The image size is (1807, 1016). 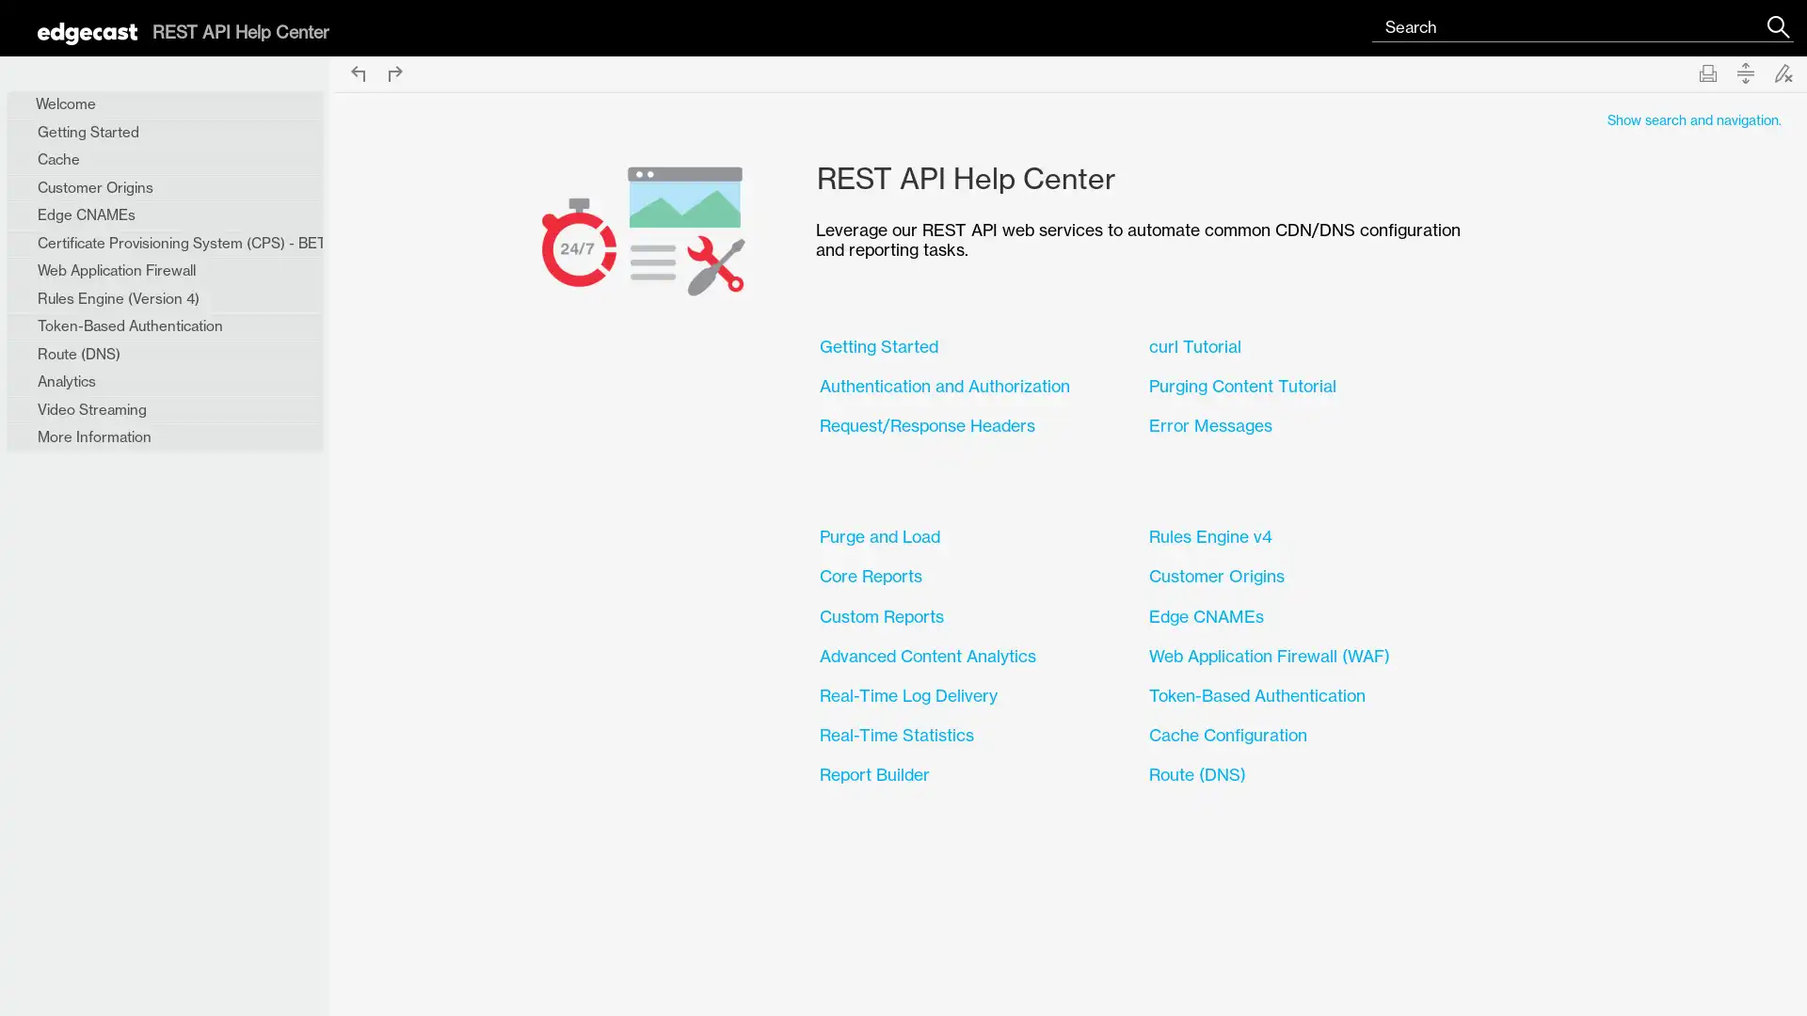 I want to click on expand all, so click(x=1744, y=71).